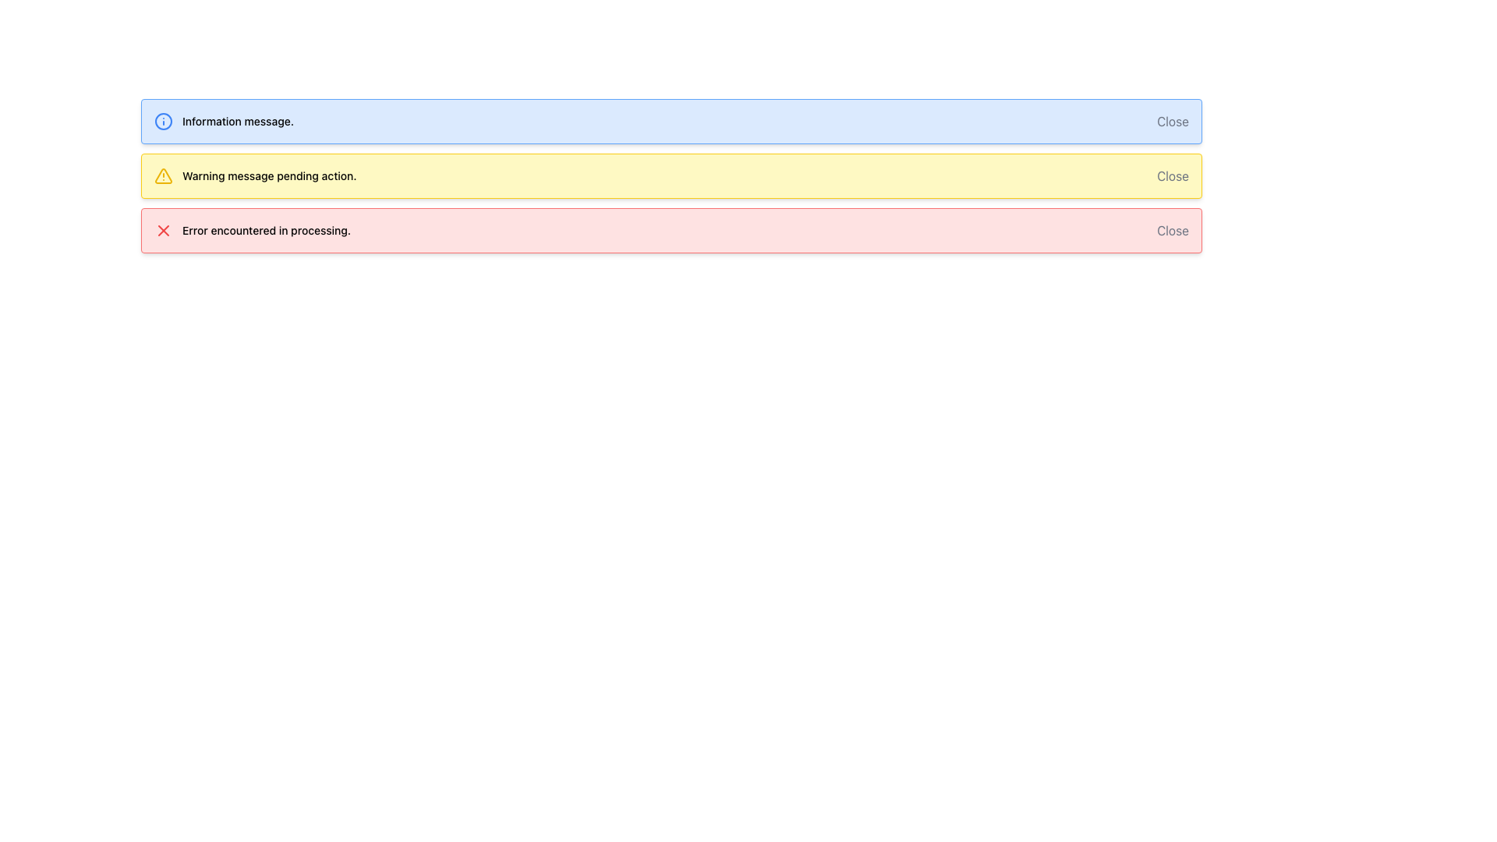  Describe the element at coordinates (269, 175) in the screenshot. I see `the warning message text label located in the yellow warning section, which is the second notification block from the top, positioned to the right of a yellow triangular icon and to the left of a 'Close' button` at that location.